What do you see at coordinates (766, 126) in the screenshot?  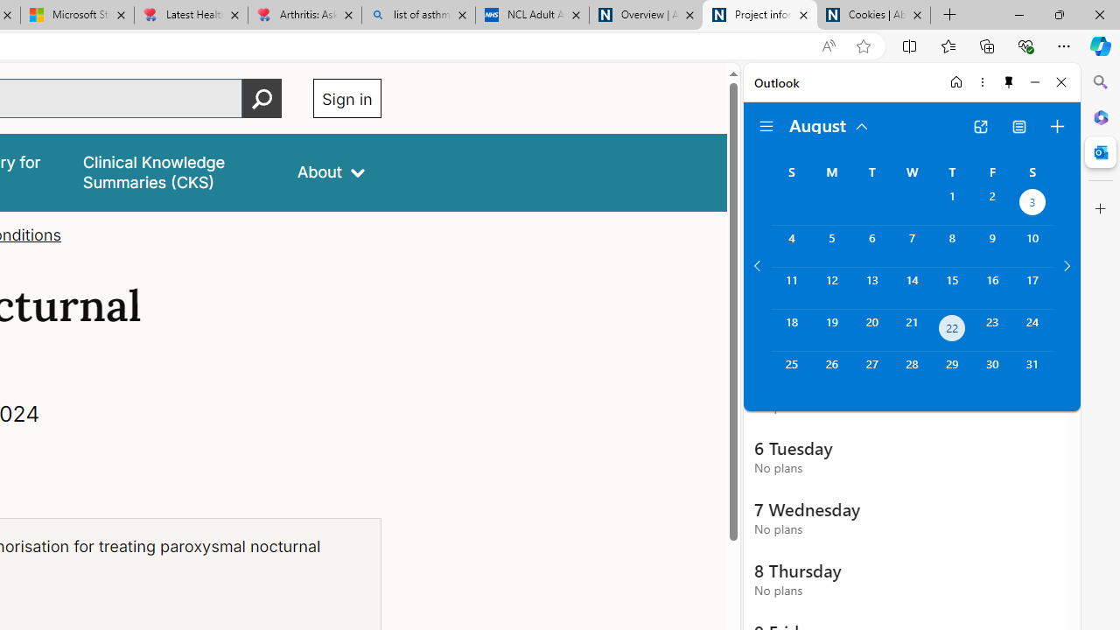 I see `'Folder navigation'` at bounding box center [766, 126].